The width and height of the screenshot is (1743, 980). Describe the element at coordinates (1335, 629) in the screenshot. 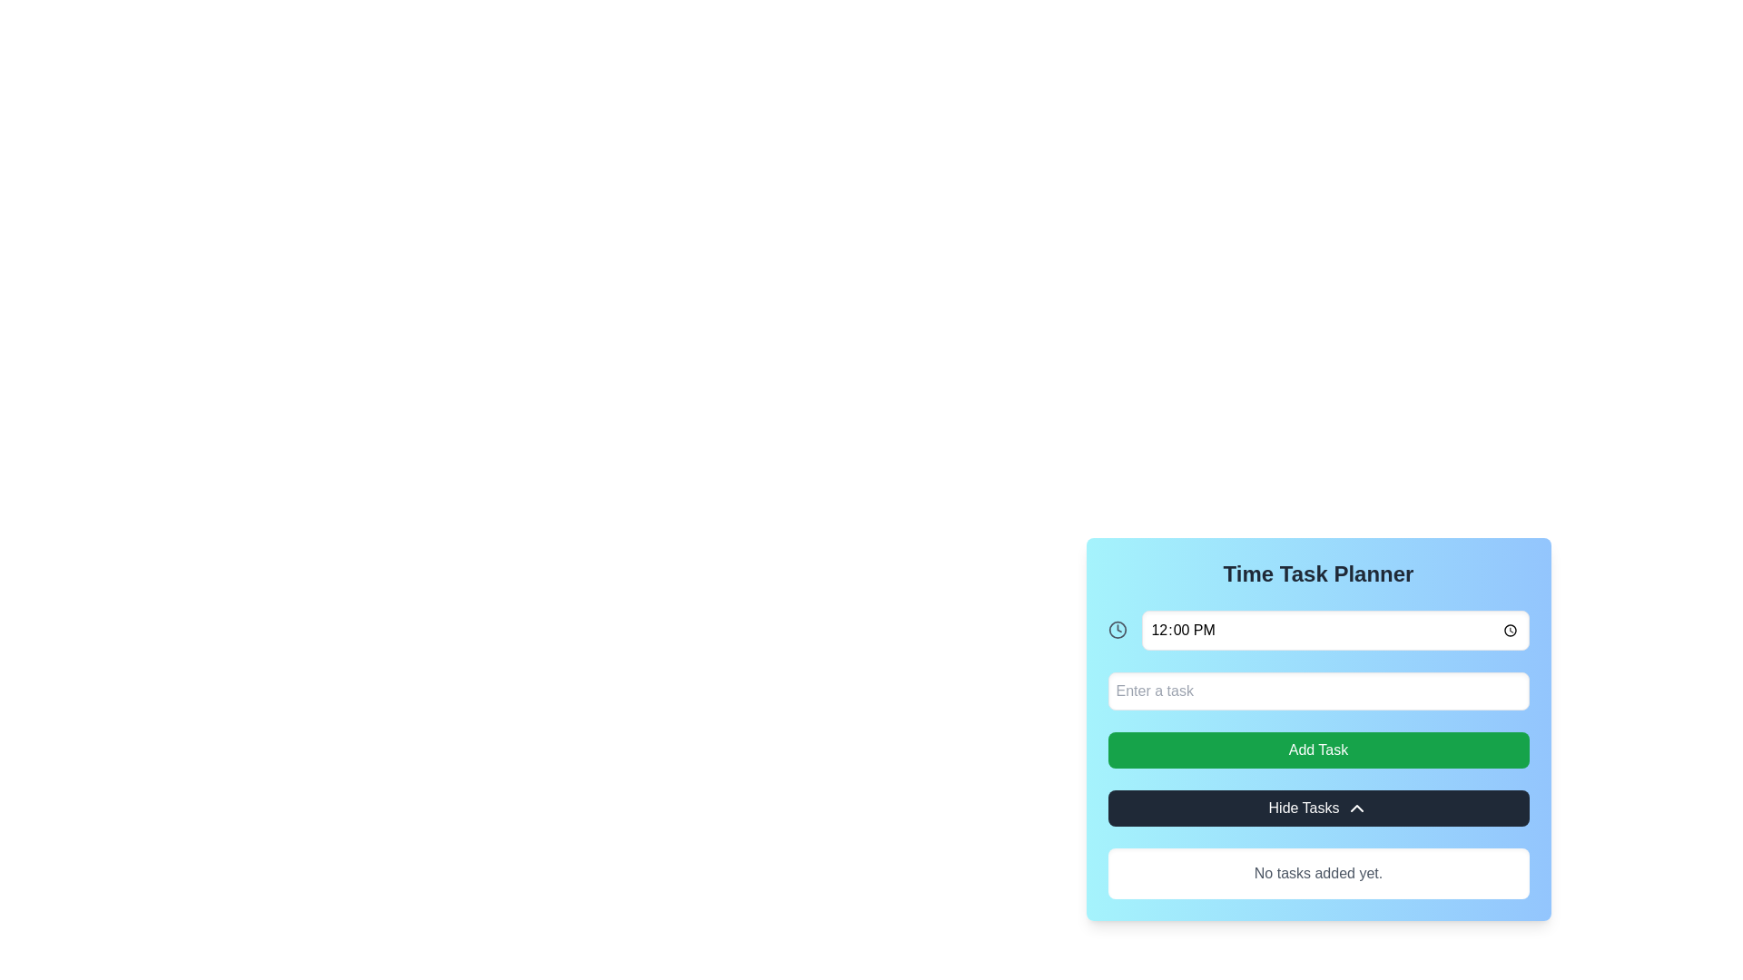

I see `the Time input field, which is a rectangular input field displaying '12:00 PM', by using tab navigation to focus on it` at that location.